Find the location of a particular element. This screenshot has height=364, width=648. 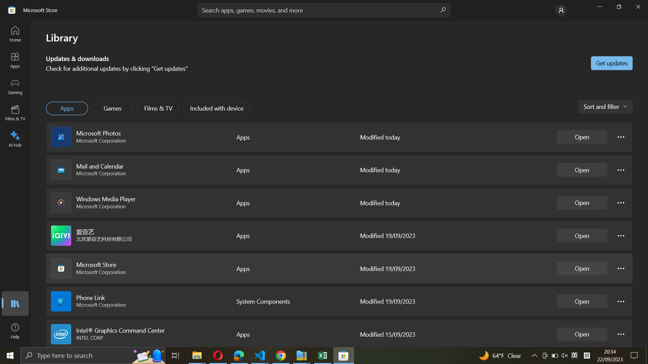

Windows media player is located at coordinates (582, 202).